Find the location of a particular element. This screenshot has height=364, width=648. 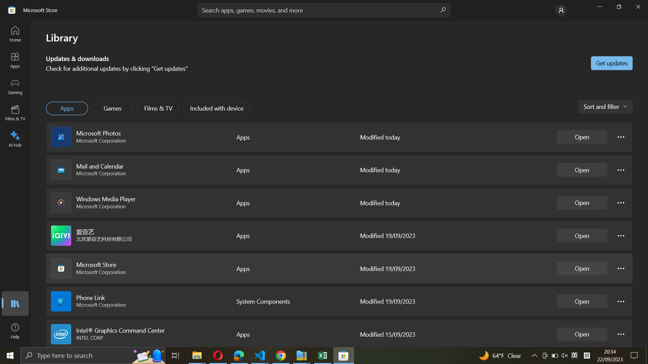

Windows media player is located at coordinates (582, 202).